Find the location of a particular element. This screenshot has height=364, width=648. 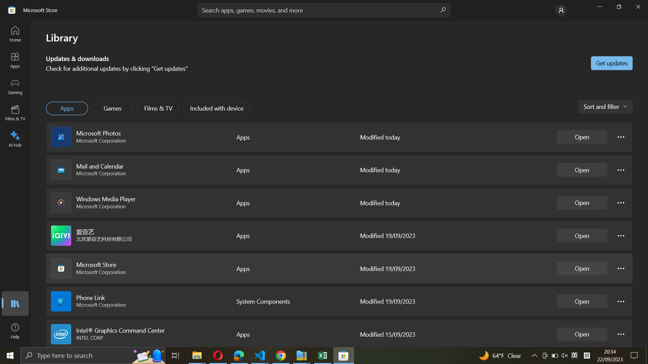

Windows media player is located at coordinates (582, 202).